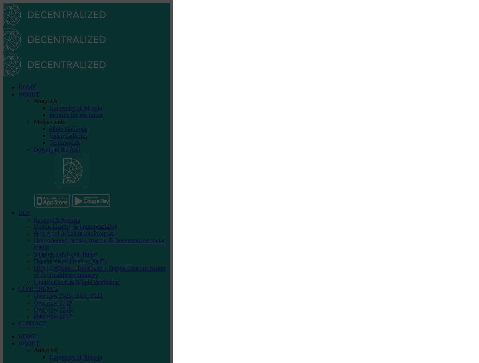 The width and height of the screenshot is (479, 363). Describe the element at coordinates (53, 309) in the screenshot. I see `'Overview 2018'` at that location.